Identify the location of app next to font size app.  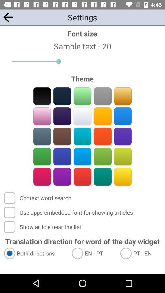
(8, 17).